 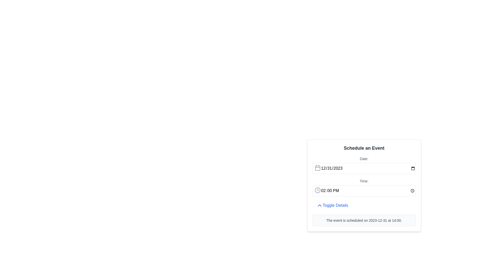 What do you see at coordinates (364, 220) in the screenshot?
I see `the text block that reads 'The event is scheduled on 2023-12-31 at 14:00.', which has a light gray background and rounded borders` at bounding box center [364, 220].